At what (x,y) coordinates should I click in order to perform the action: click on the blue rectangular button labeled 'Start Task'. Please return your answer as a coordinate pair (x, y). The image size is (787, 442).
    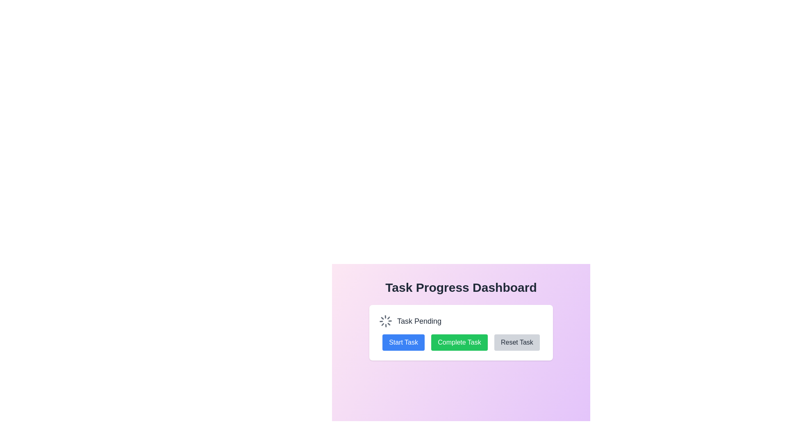
    Looking at the image, I should click on (403, 343).